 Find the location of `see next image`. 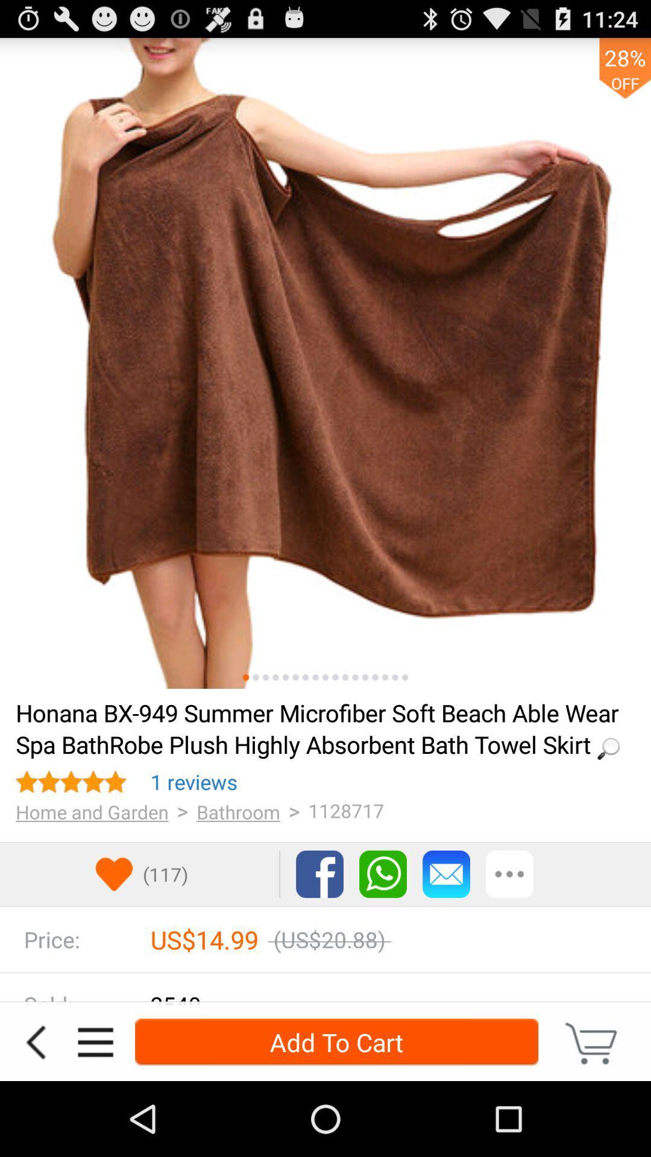

see next image is located at coordinates (325, 363).